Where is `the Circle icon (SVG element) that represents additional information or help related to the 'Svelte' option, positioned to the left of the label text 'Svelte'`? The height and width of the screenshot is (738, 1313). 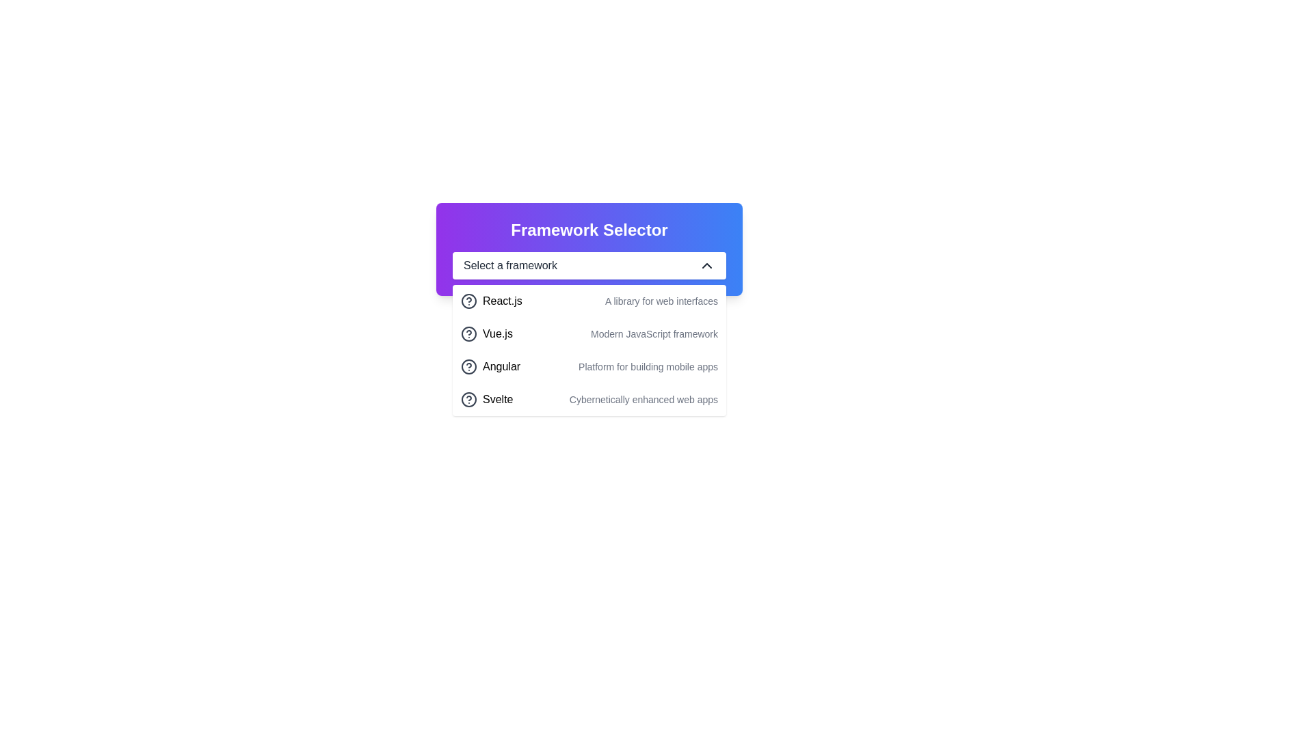
the Circle icon (SVG element) that represents additional information or help related to the 'Svelte' option, positioned to the left of the label text 'Svelte' is located at coordinates (469, 400).